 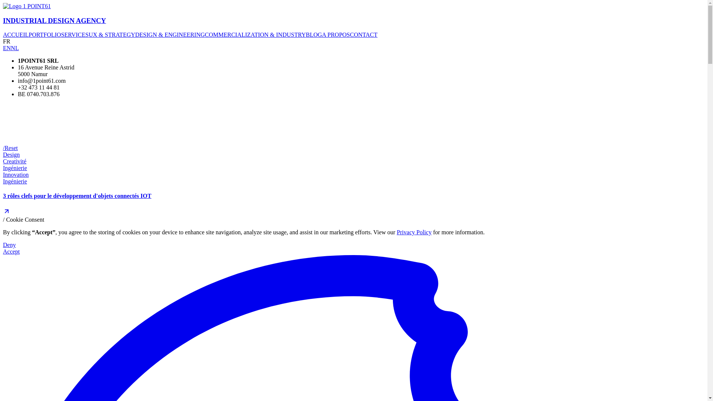 I want to click on 'ACCUEIL', so click(x=16, y=35).